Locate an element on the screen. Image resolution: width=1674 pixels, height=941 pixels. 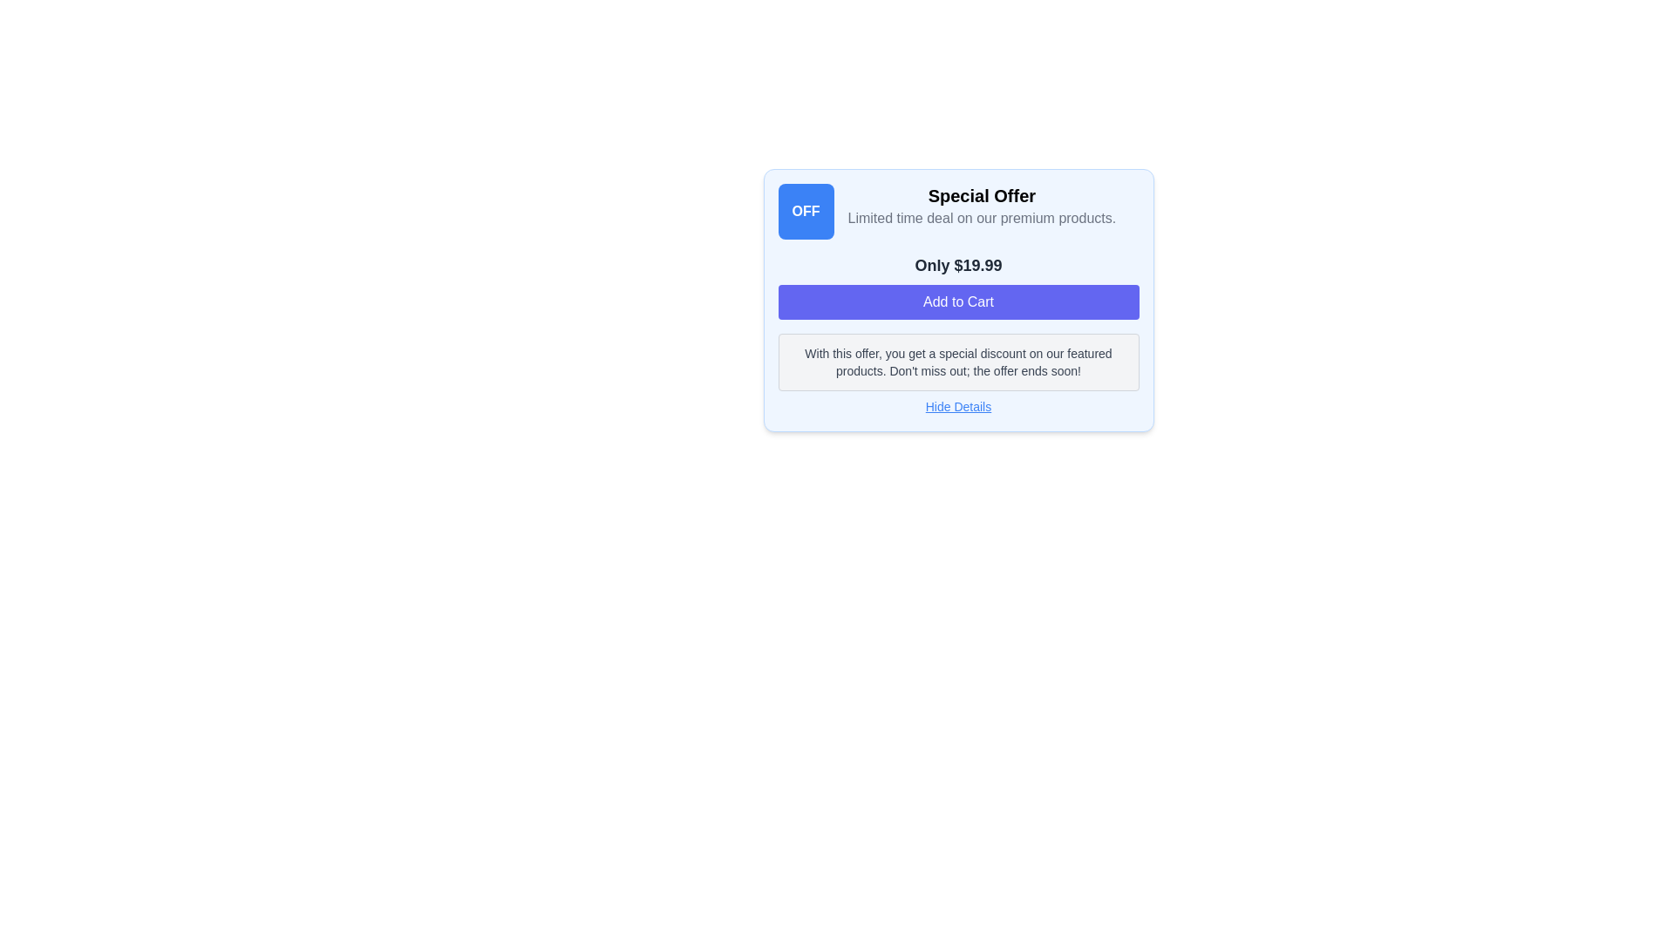
the button located within the composite element that displays the product price is located at coordinates (957, 285).